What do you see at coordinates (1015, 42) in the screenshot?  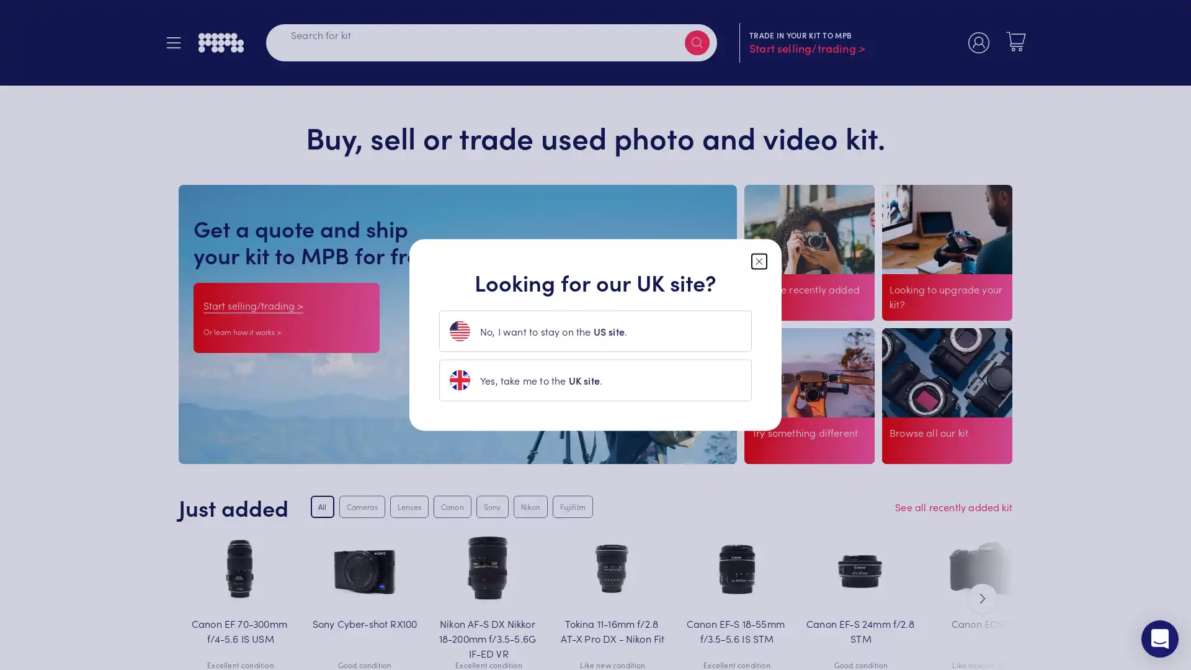 I see `Cart` at bounding box center [1015, 42].